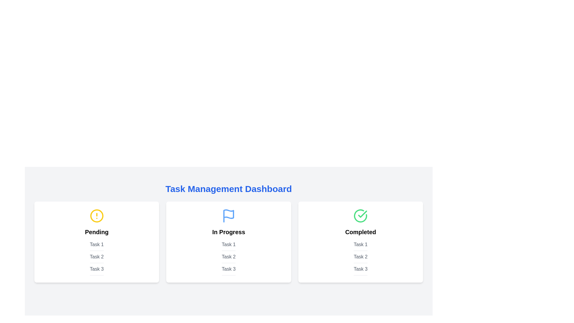 The height and width of the screenshot is (323, 574). Describe the element at coordinates (97, 246) in the screenshot. I see `the text label for 'Task 1', which is the first entry in the Pending section of the task list` at that location.